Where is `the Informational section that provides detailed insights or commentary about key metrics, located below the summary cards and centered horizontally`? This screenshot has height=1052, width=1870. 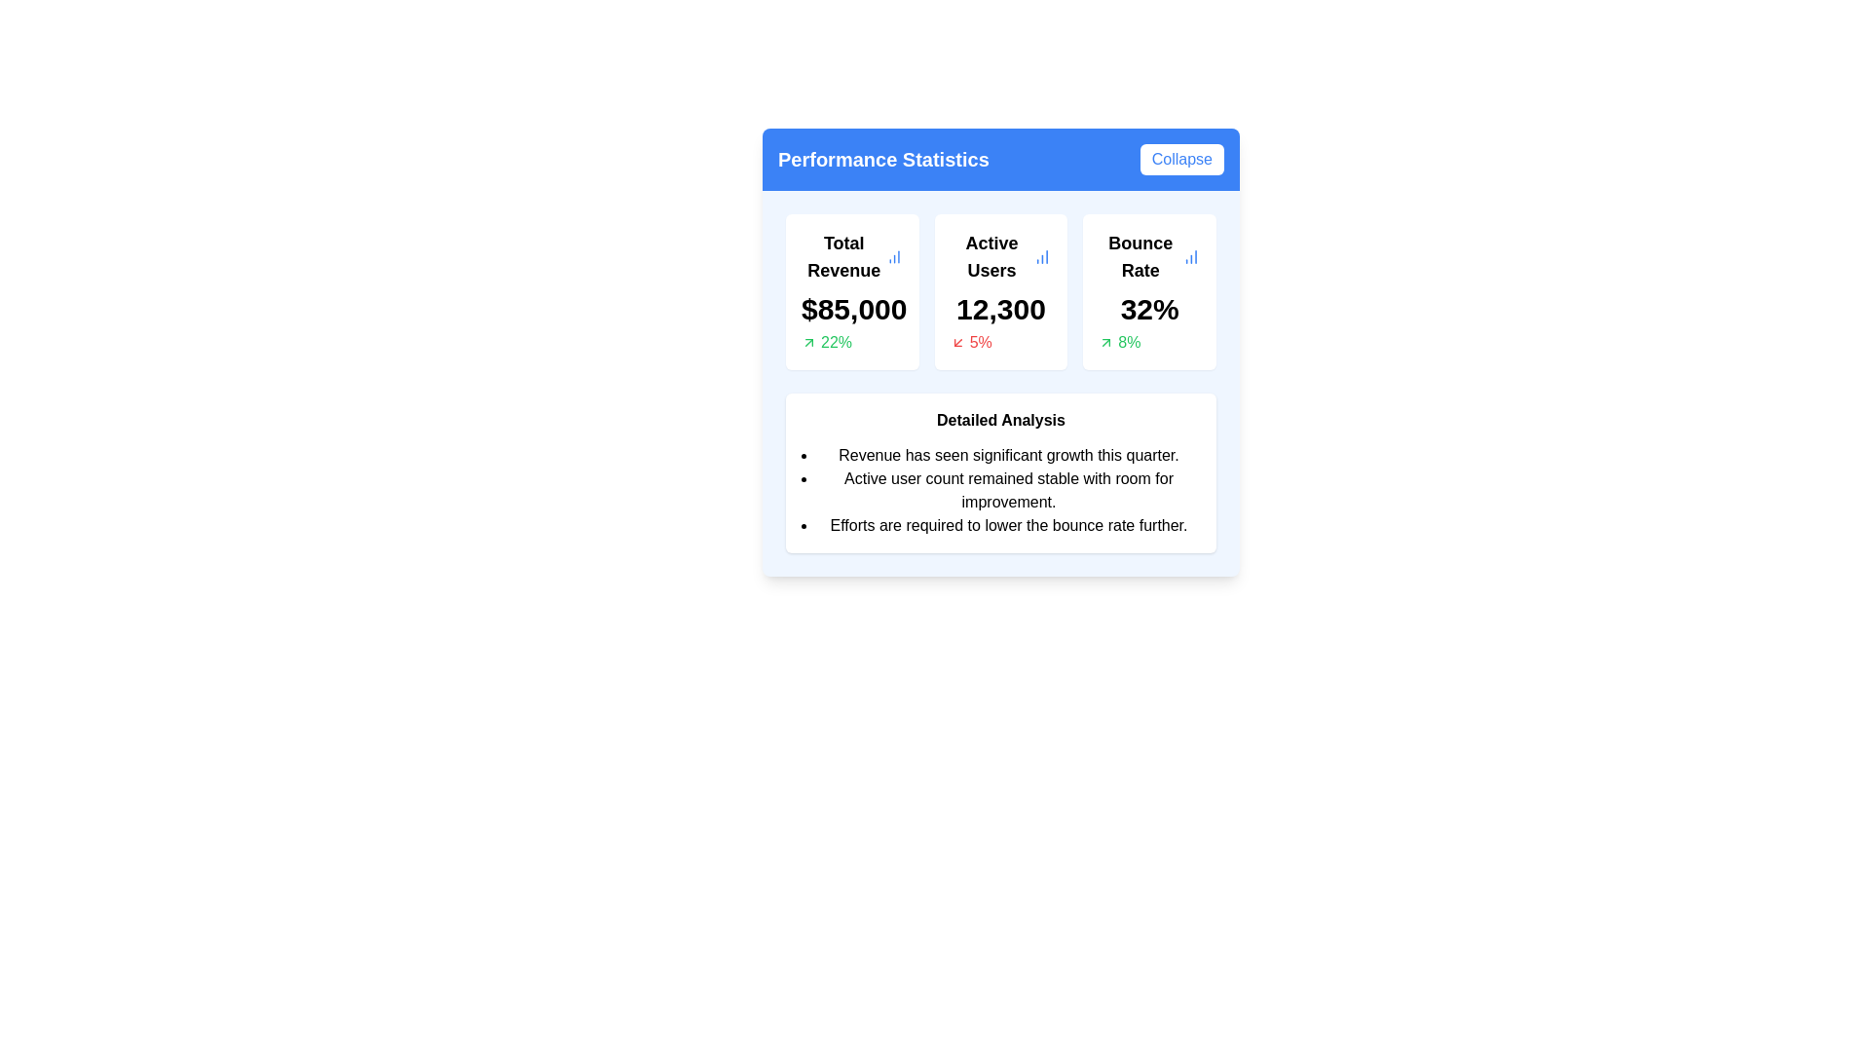 the Informational section that provides detailed insights or commentary about key metrics, located below the summary cards and centered horizontally is located at coordinates (1000, 473).